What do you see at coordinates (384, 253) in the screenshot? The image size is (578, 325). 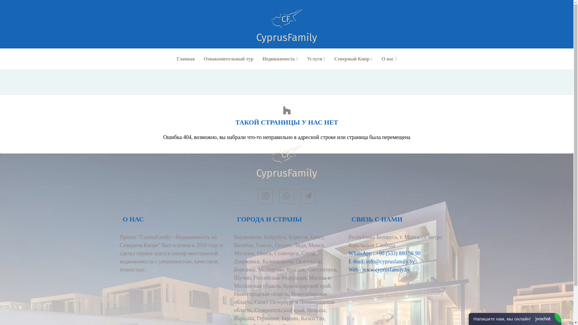 I see `'WhatsApp : +90 (533) 880 58 90'` at bounding box center [384, 253].